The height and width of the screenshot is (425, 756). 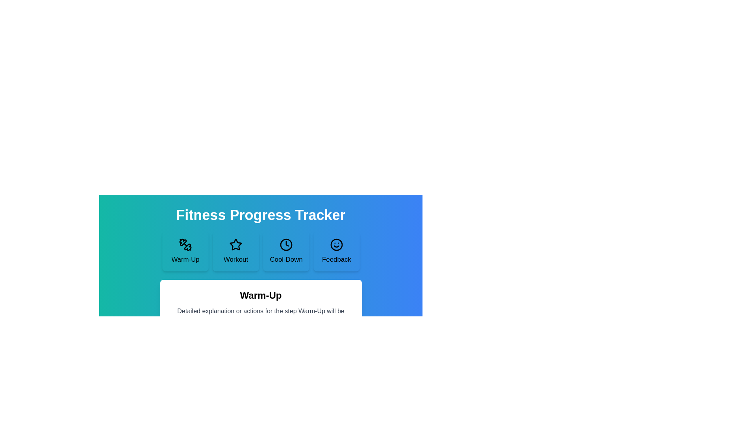 I want to click on the step Feedback in the FitnessProgressStepper component, so click(x=336, y=251).